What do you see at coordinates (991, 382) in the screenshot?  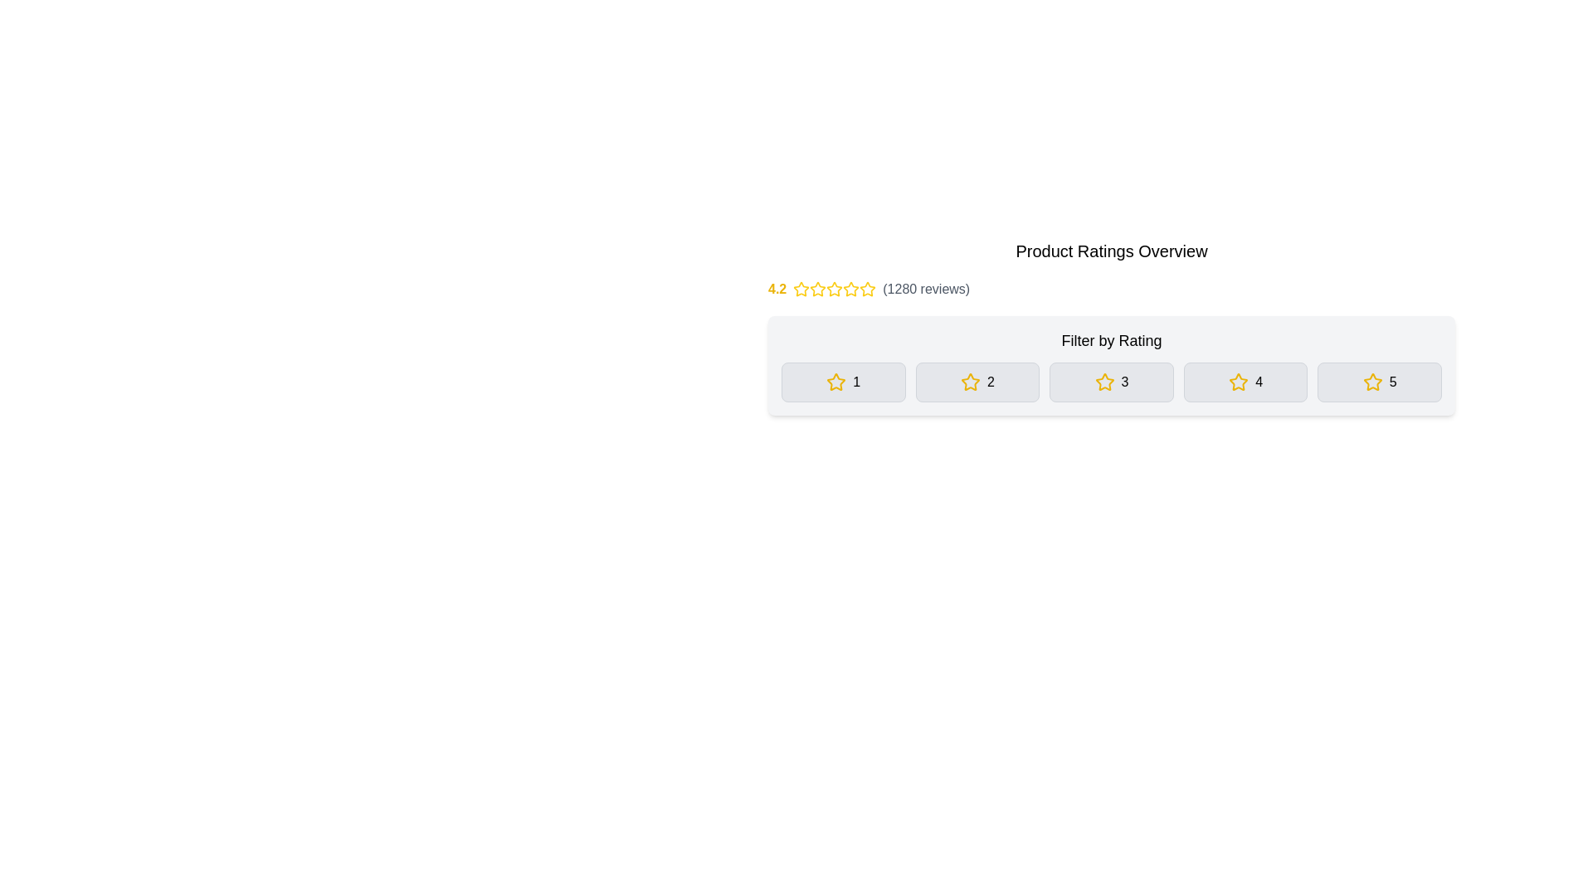 I see `the text element displaying the number '2' in a medium font size, which is part of the 'Filter by Rating' section and is the second button from the left` at bounding box center [991, 382].